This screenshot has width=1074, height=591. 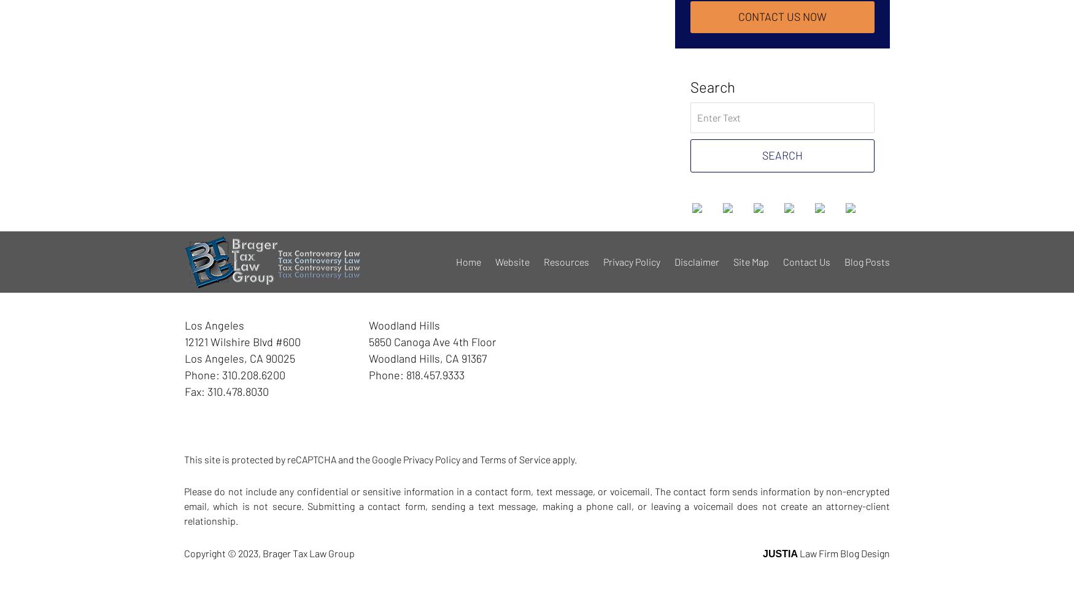 What do you see at coordinates (196, 390) in the screenshot?
I see `'Fax:'` at bounding box center [196, 390].